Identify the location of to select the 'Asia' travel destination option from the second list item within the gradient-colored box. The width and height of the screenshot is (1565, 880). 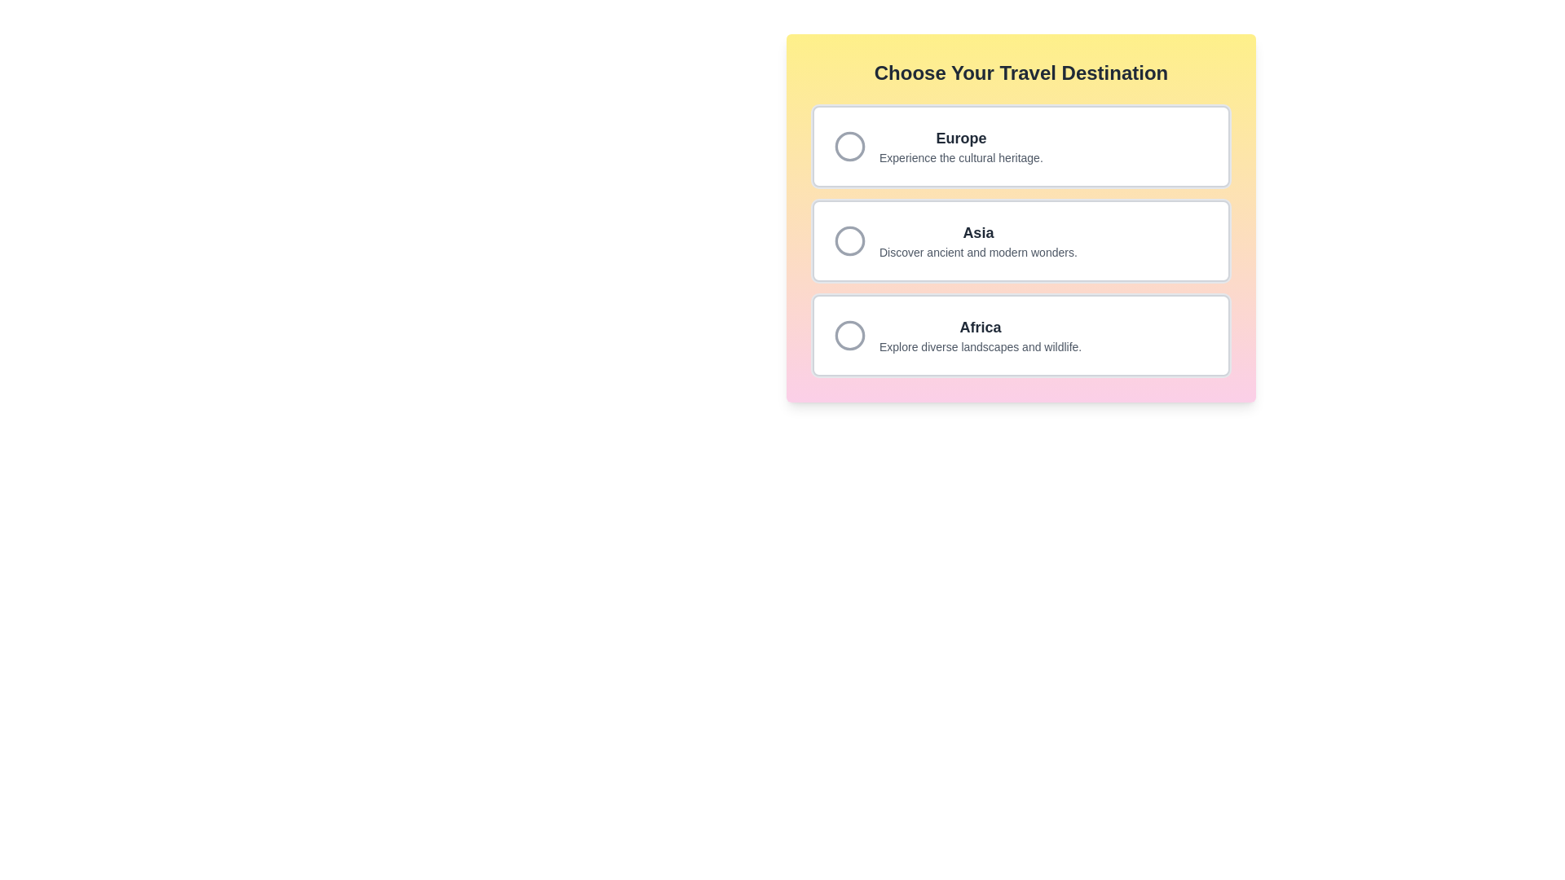
(1020, 217).